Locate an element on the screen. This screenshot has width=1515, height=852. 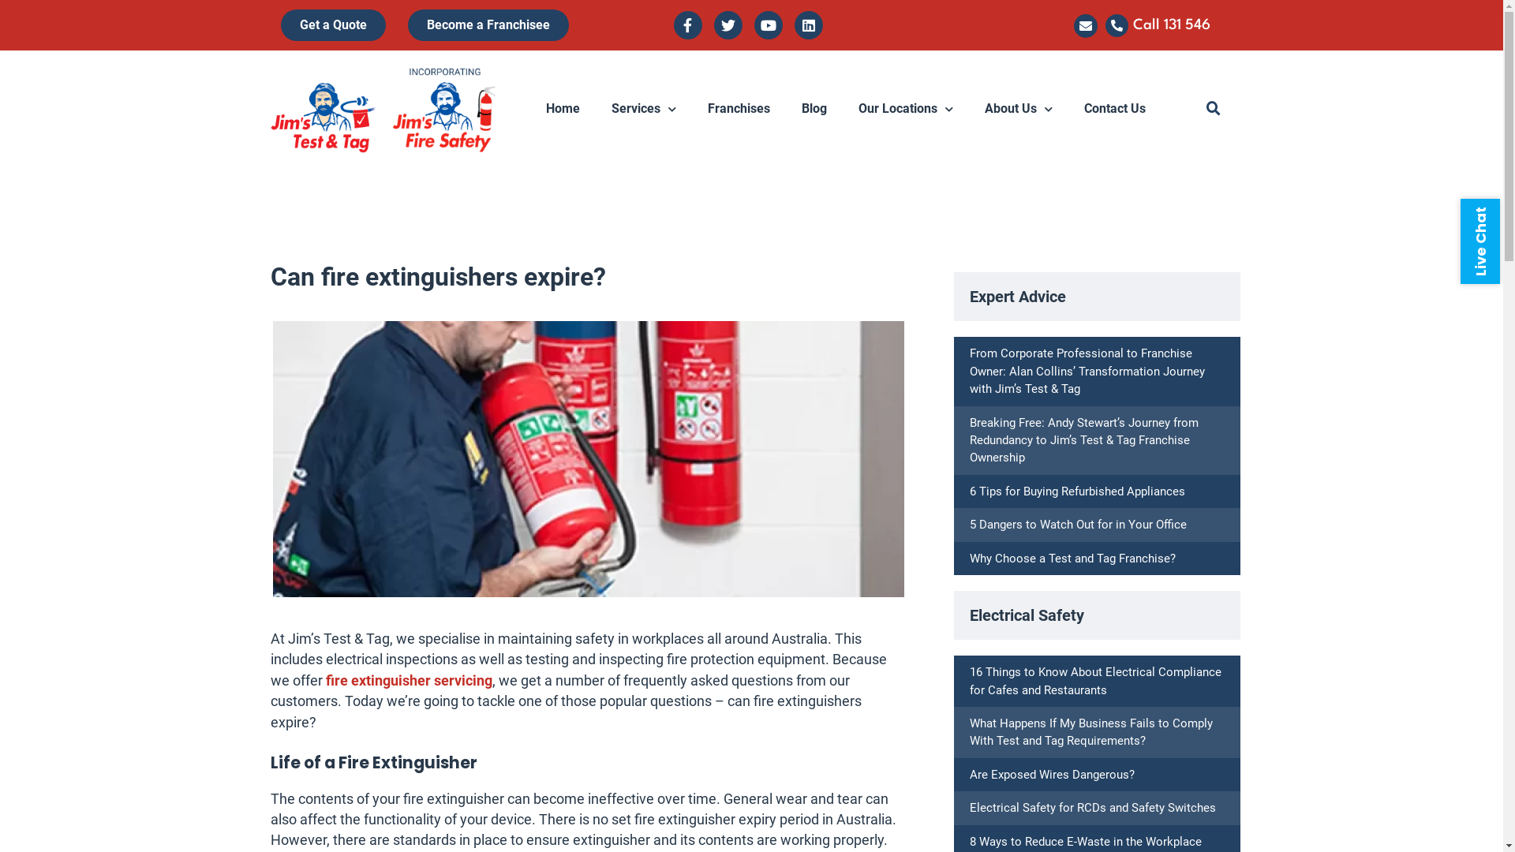
'Electrical Safety for RCDs and Safety Switches' is located at coordinates (1092, 807).